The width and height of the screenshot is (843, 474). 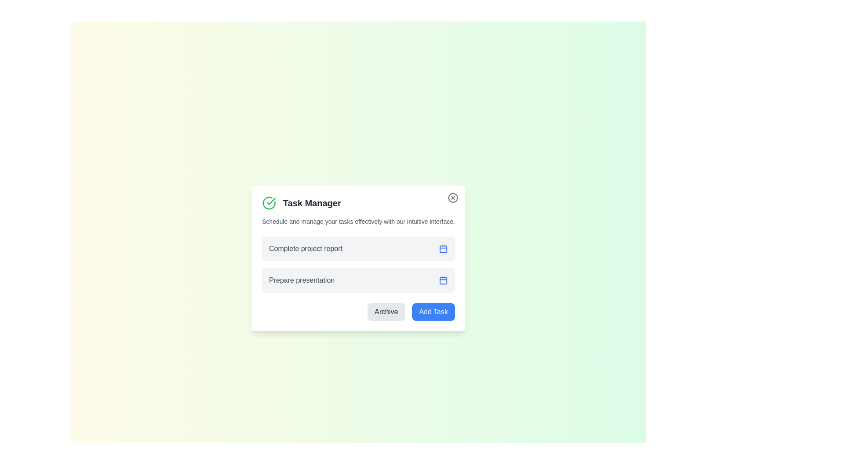 What do you see at coordinates (443, 280) in the screenshot?
I see `the calendar icon associated with the task Prepare presentation` at bounding box center [443, 280].